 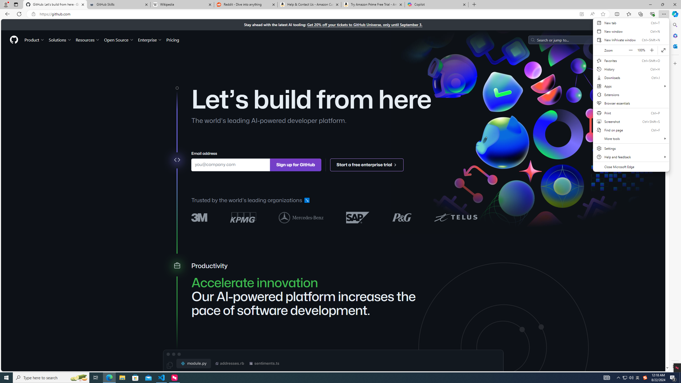 What do you see at coordinates (675, 195) in the screenshot?
I see `'Side bar'` at bounding box center [675, 195].